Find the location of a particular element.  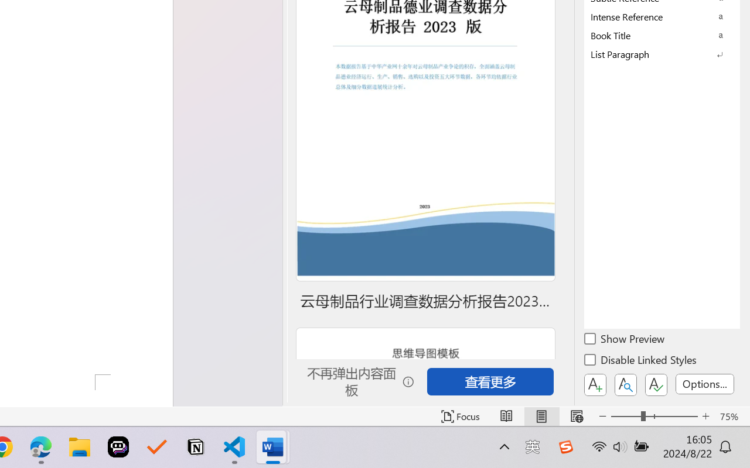

'Class: Image' is located at coordinates (565, 447).